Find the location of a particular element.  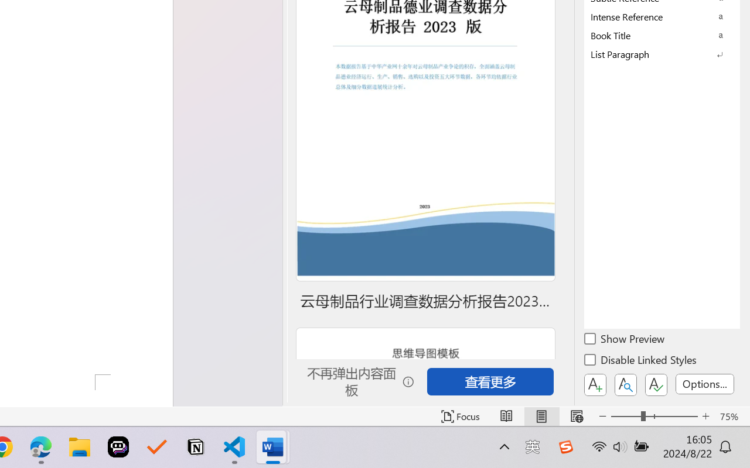

'Class: Image' is located at coordinates (565, 447).